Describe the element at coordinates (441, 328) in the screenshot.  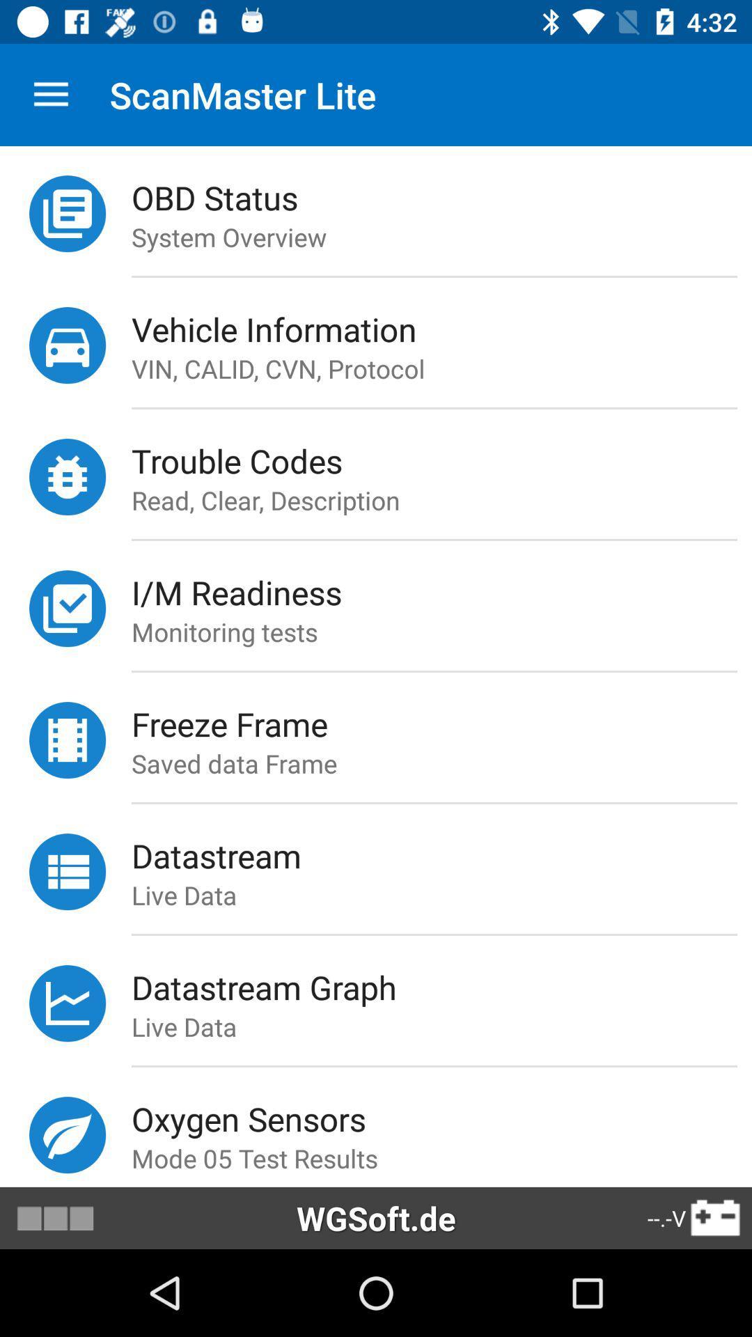
I see `vehicle information item` at that location.